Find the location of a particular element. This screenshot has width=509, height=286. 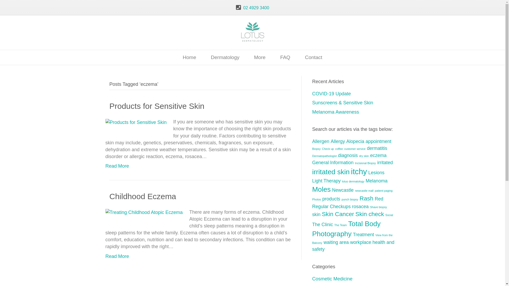

'Read More' is located at coordinates (117, 166).